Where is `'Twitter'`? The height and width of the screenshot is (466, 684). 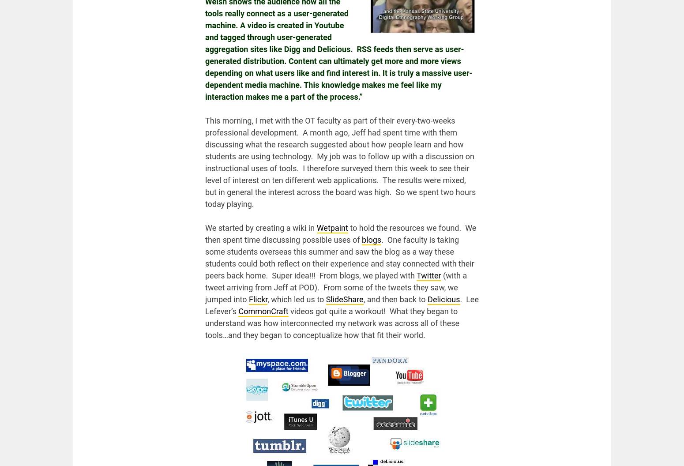
'Twitter' is located at coordinates (428, 275).